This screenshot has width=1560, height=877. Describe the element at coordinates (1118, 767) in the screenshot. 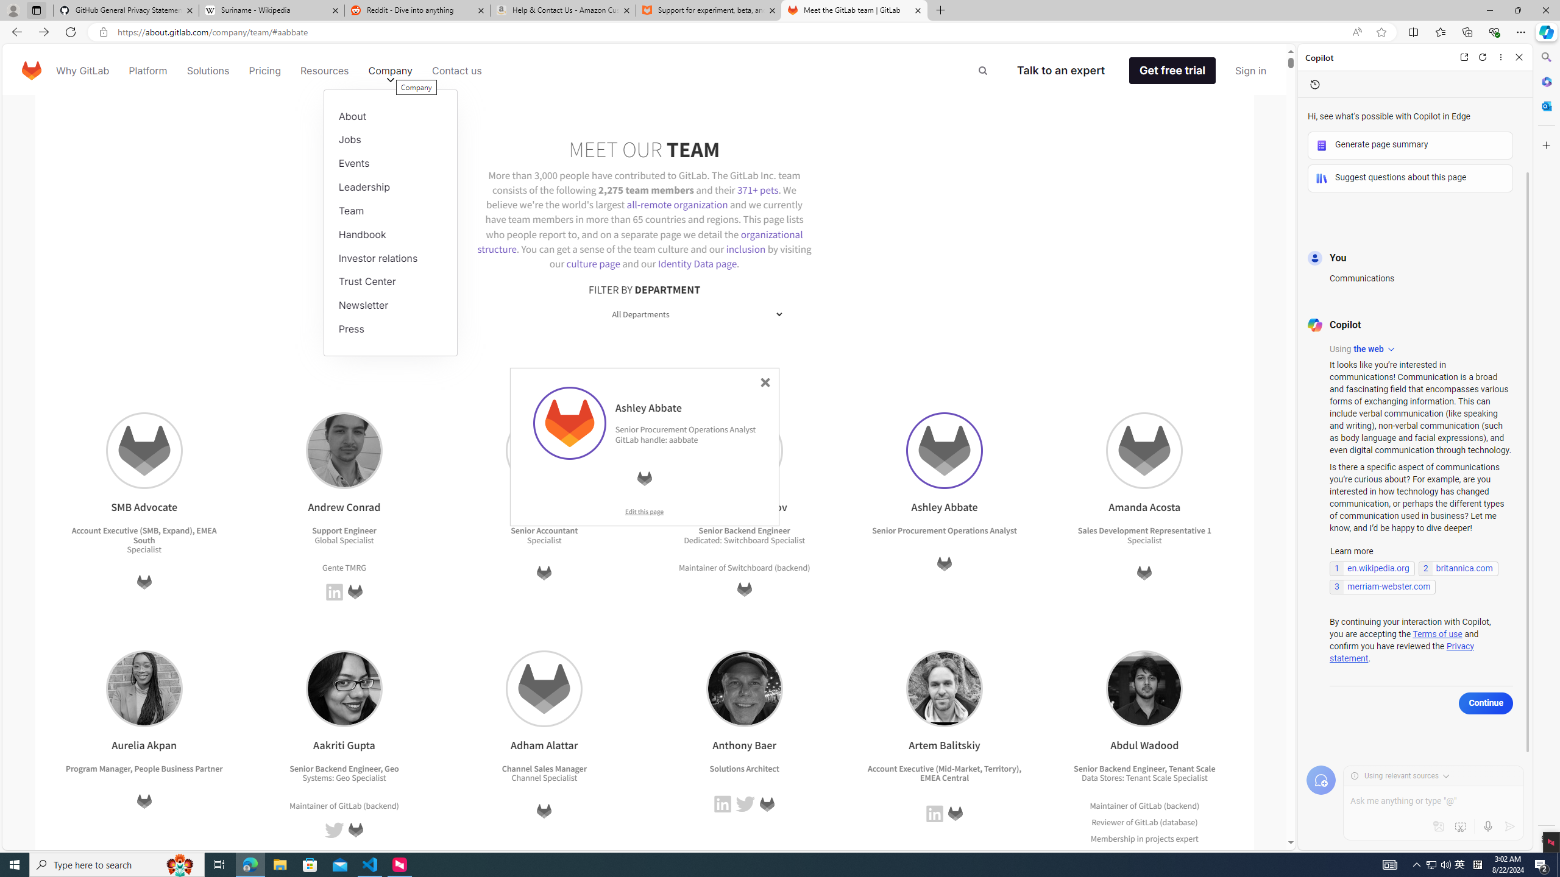

I see `'Senior Backend Engineer'` at that location.